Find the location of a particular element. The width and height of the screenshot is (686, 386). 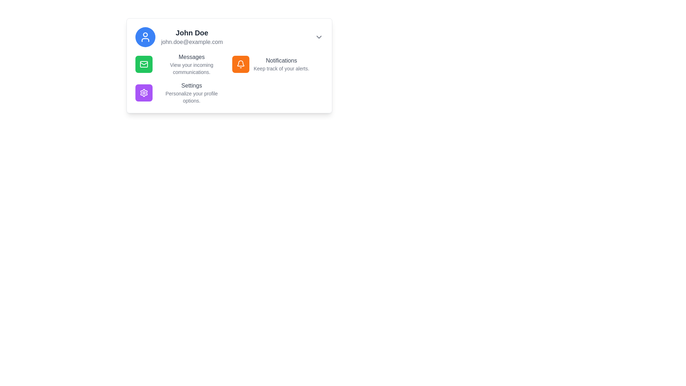

the cogwheel icon located at the bottom left corner of the user's information section, which has a purple background and signifies 'Settings' is located at coordinates (144, 92).